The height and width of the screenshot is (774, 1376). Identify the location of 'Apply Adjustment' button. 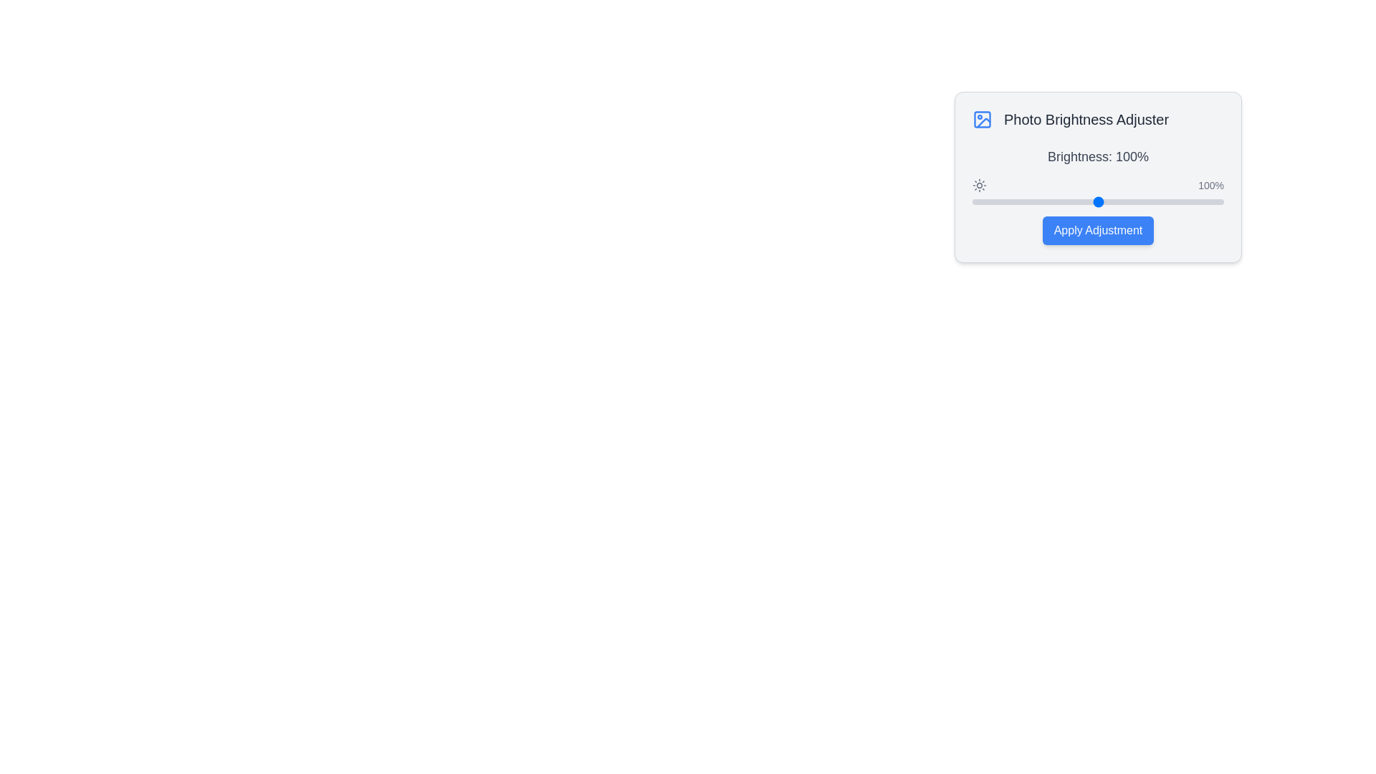
(1097, 229).